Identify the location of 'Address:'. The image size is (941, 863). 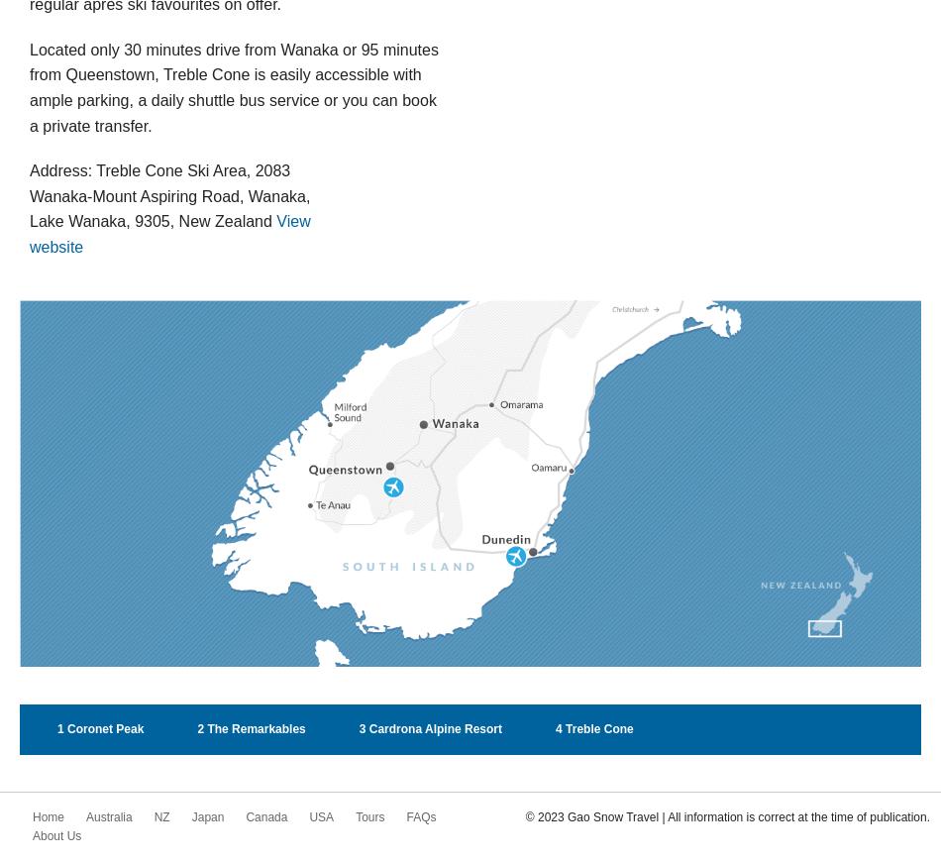
(60, 170).